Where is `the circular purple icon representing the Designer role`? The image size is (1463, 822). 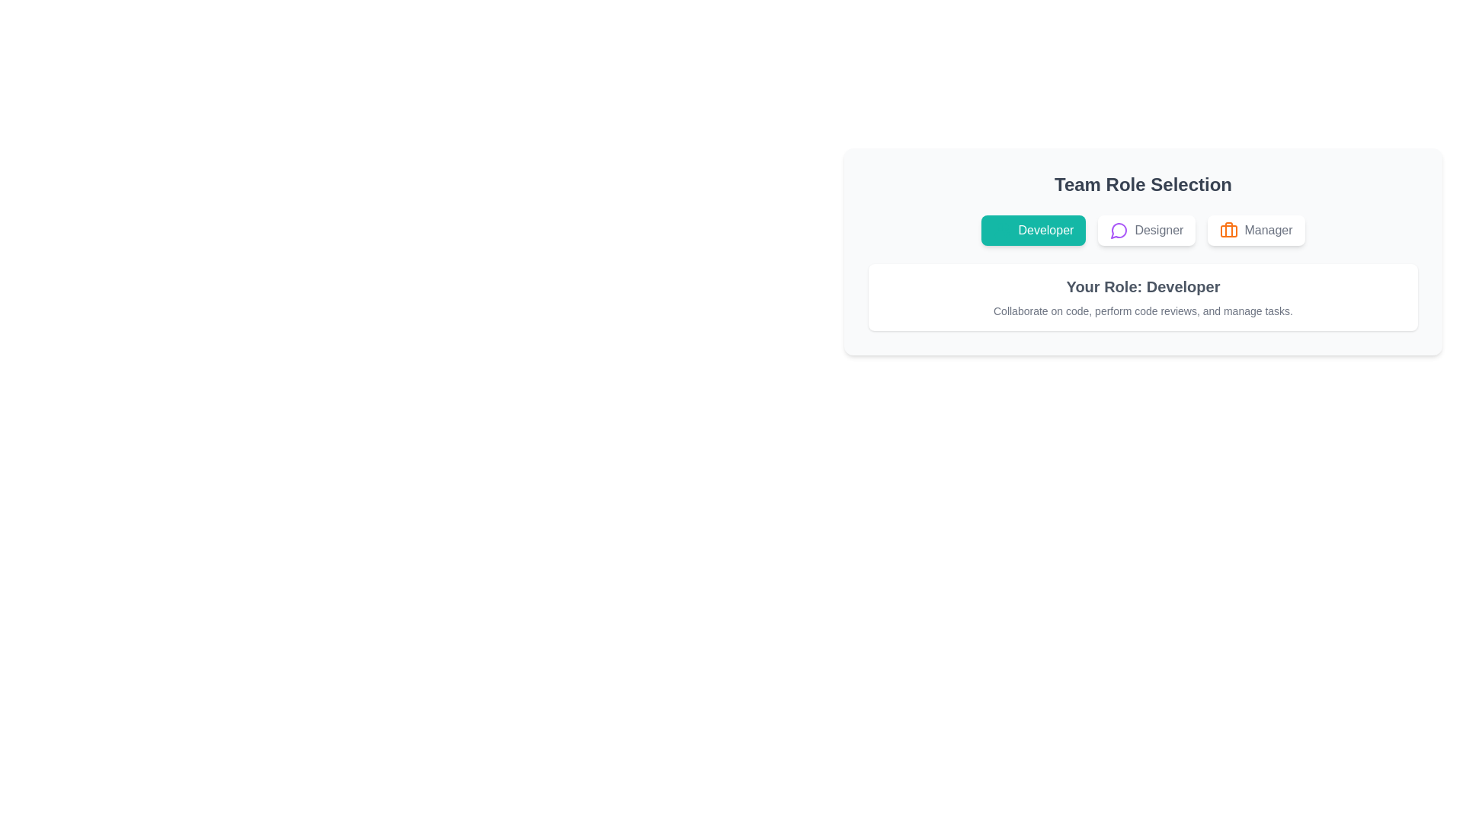
the circular purple icon representing the Designer role is located at coordinates (1119, 231).